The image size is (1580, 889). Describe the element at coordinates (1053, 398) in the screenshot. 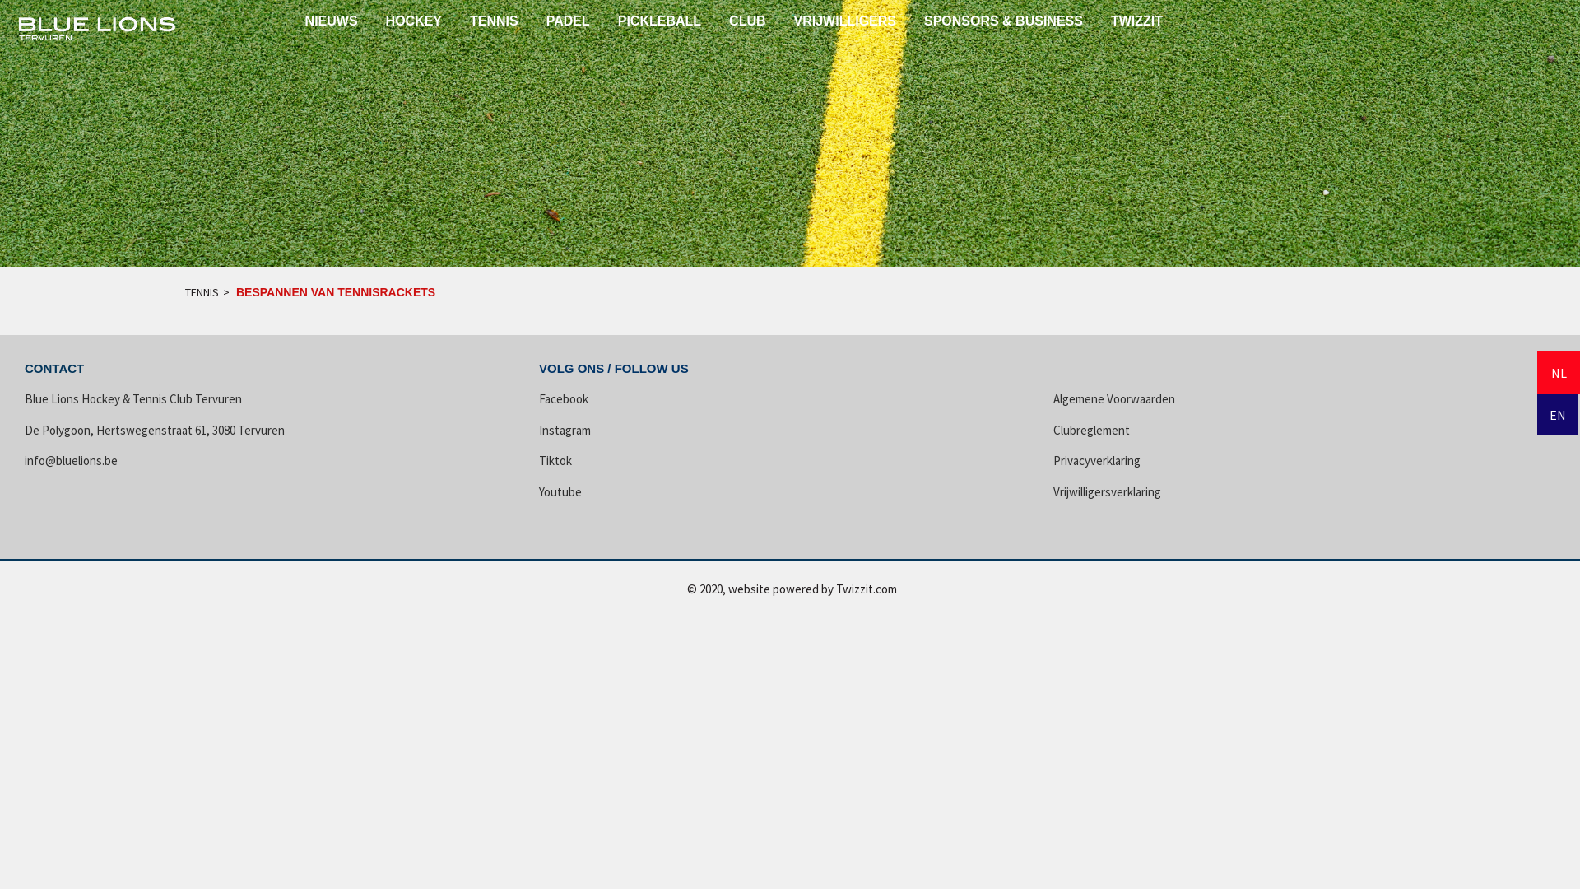

I see `'Algemene Voorwaarden'` at that location.